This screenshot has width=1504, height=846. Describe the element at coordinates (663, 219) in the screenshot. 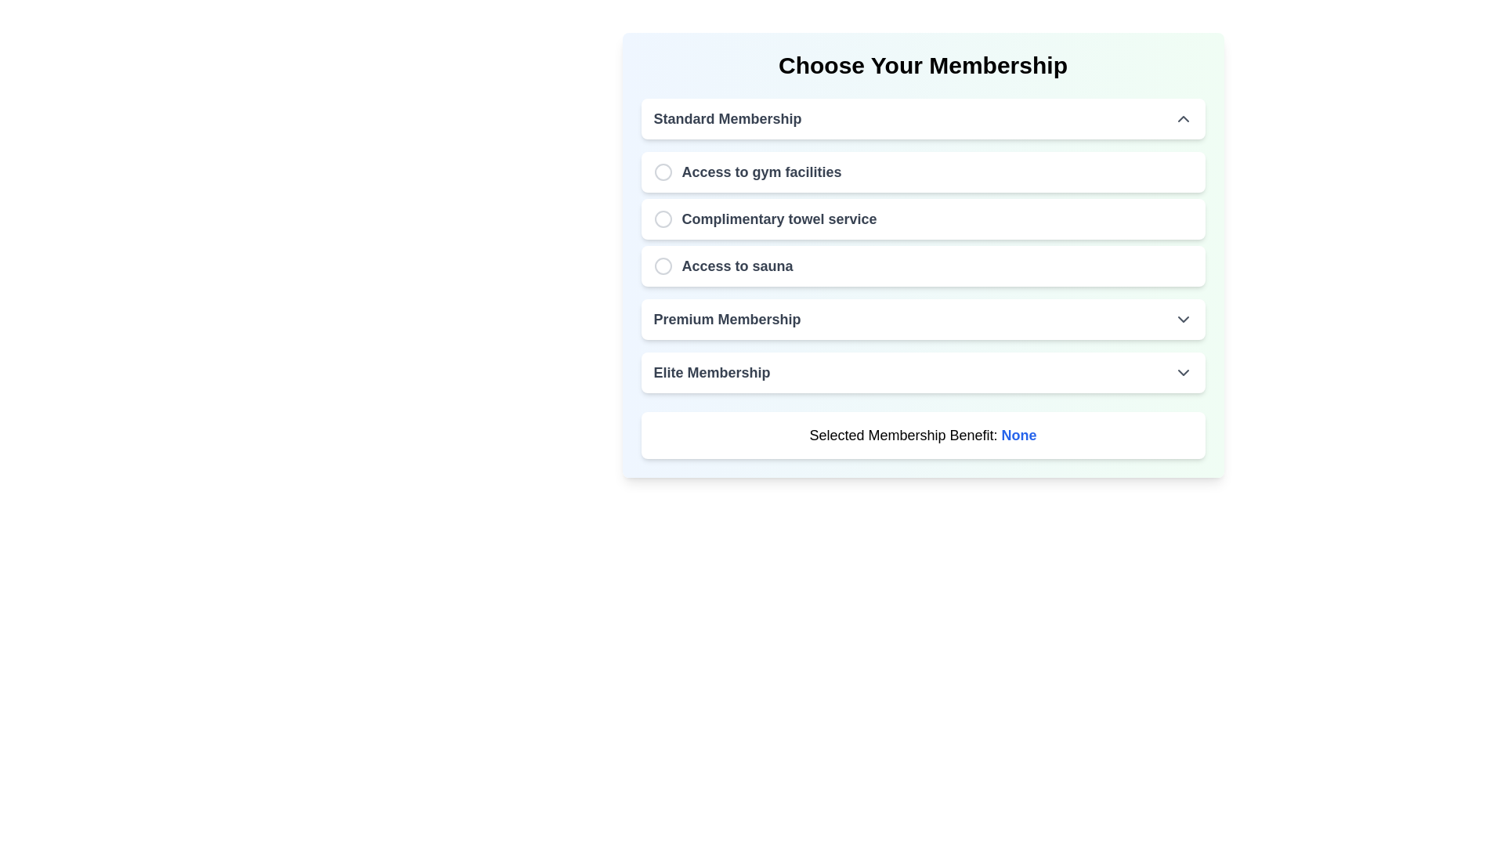

I see `the unselected radio button icon for the 'Complimentary towel service' option located under the 'Standard Membership' section` at that location.